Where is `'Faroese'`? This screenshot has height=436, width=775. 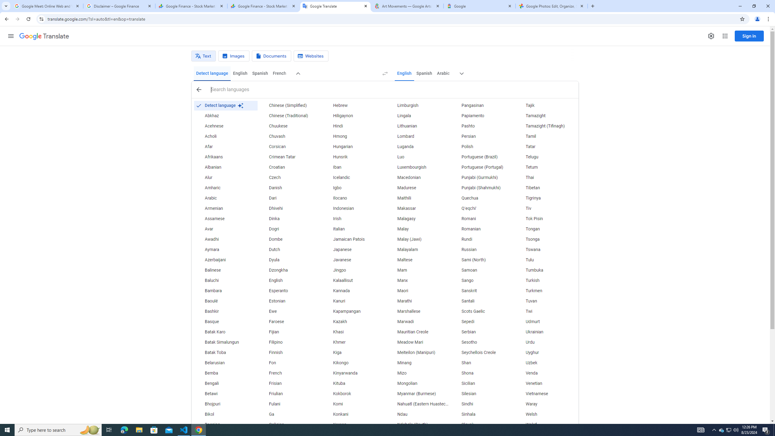
'Faroese' is located at coordinates (290, 321).